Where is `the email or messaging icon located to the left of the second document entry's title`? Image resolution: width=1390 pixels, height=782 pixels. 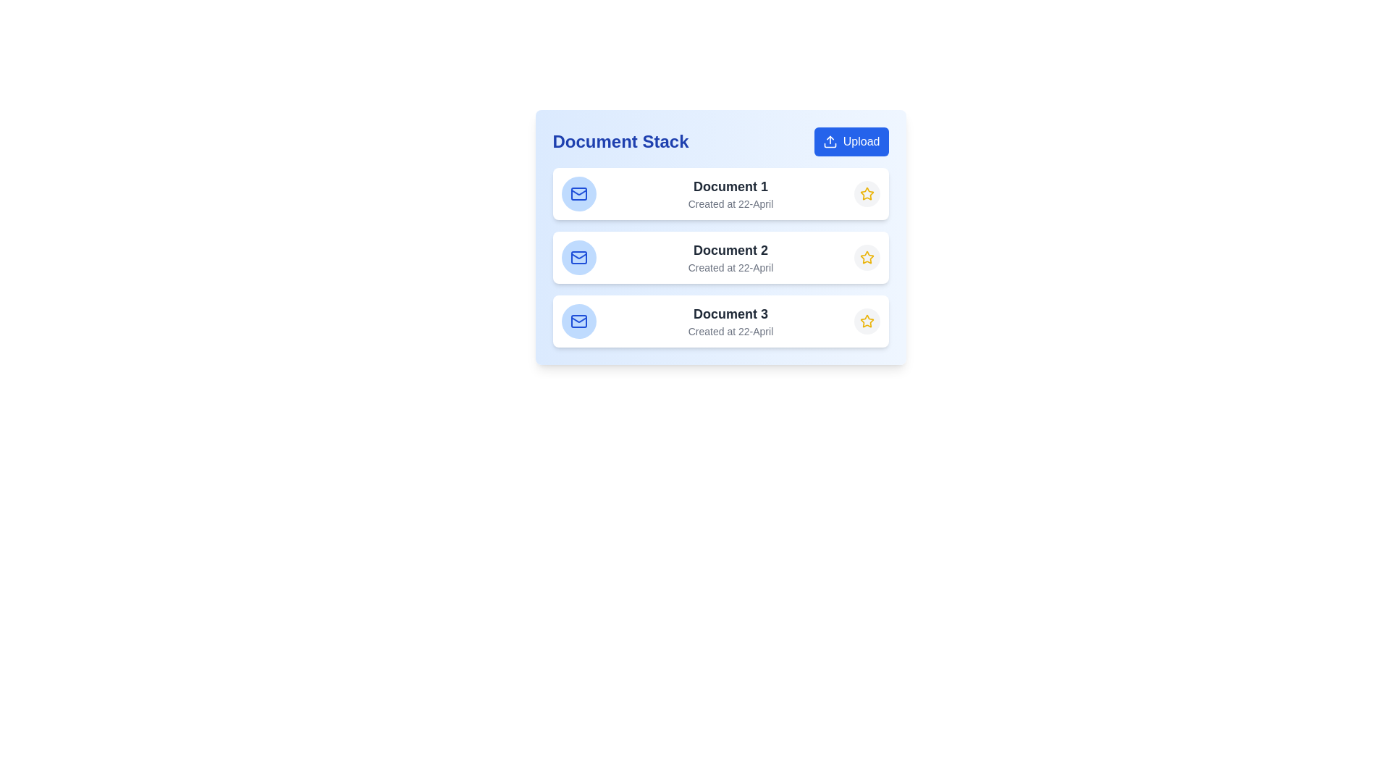 the email or messaging icon located to the left of the second document entry's title is located at coordinates (578, 256).